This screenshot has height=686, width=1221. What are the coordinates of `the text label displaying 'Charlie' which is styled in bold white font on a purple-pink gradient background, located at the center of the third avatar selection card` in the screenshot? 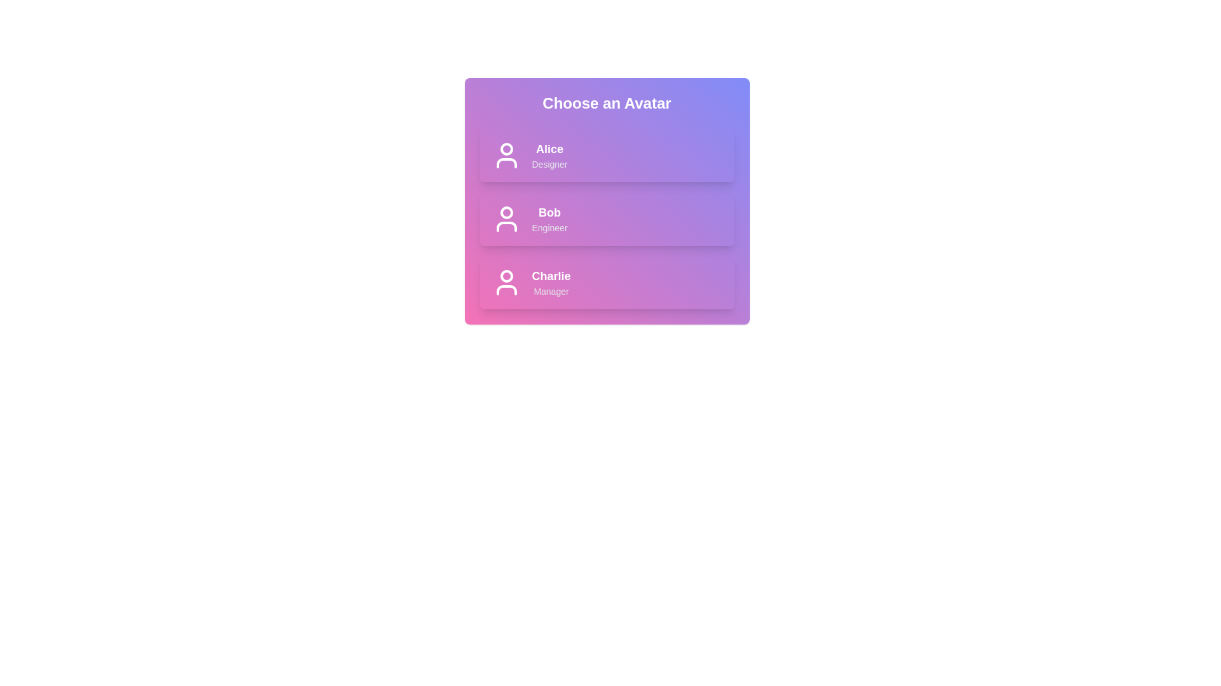 It's located at (551, 276).